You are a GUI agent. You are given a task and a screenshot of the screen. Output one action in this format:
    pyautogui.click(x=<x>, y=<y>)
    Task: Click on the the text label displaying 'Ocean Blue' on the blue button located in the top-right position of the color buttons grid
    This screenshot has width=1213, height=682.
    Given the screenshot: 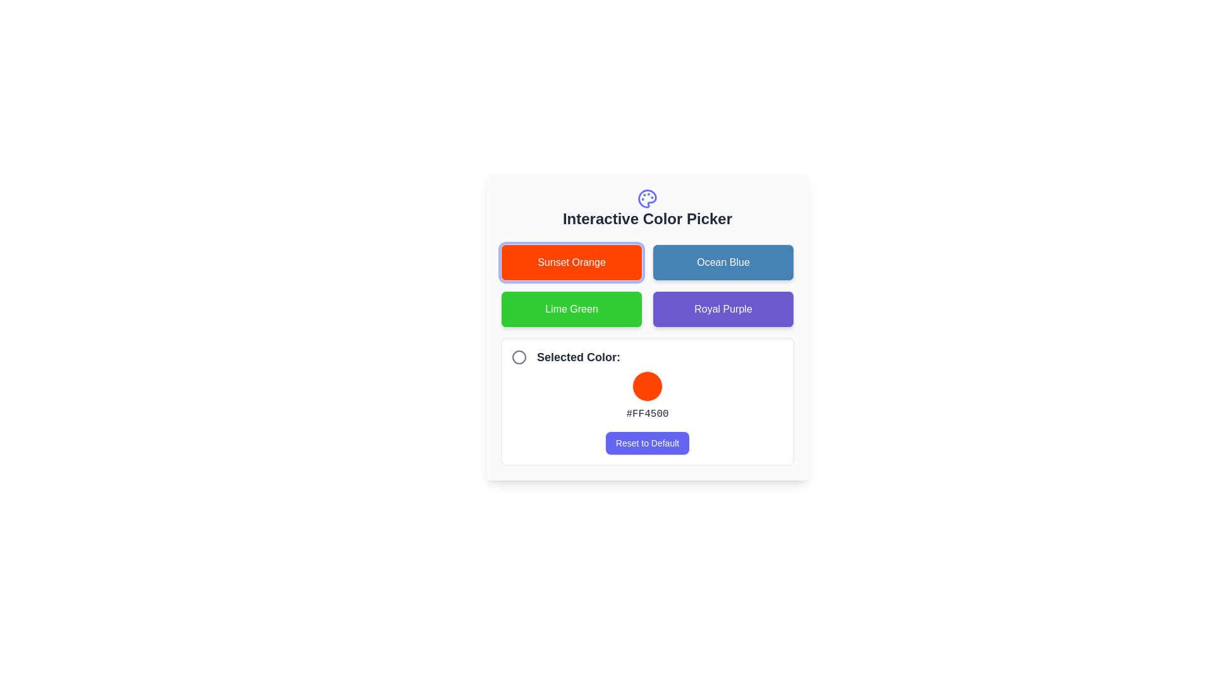 What is the action you would take?
    pyautogui.click(x=723, y=262)
    